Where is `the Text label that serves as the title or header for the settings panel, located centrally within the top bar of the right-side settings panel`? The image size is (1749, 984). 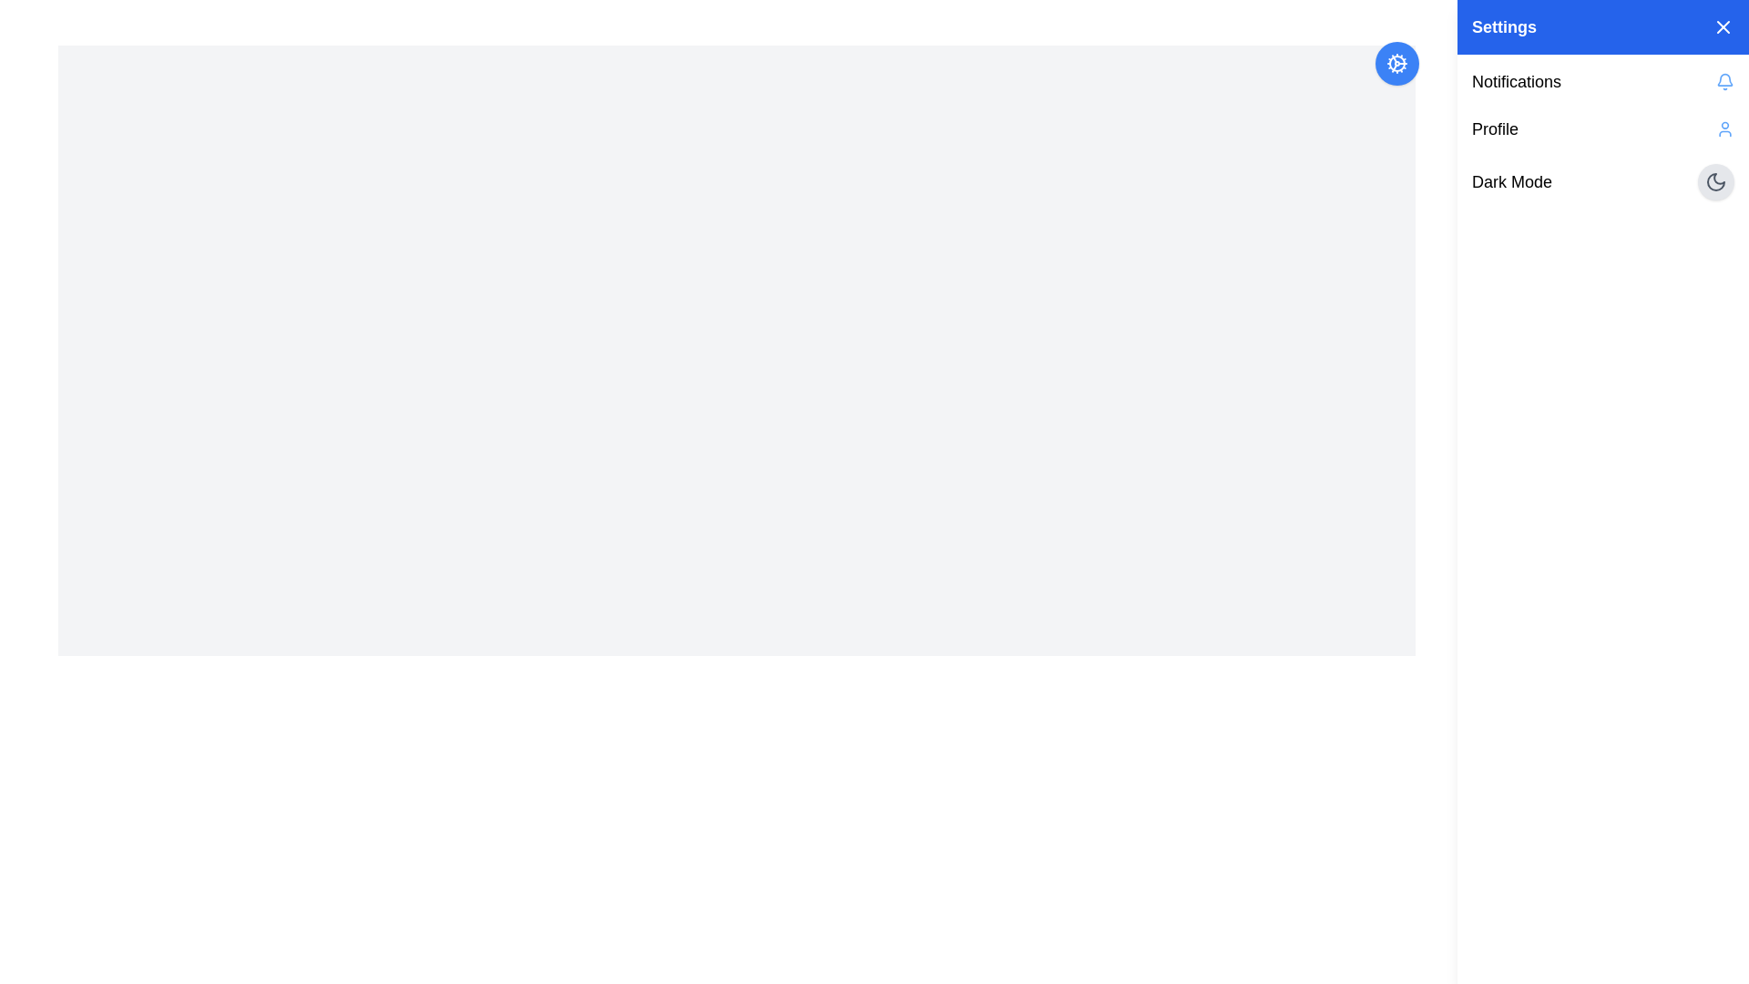 the Text label that serves as the title or header for the settings panel, located centrally within the top bar of the right-side settings panel is located at coordinates (1504, 27).